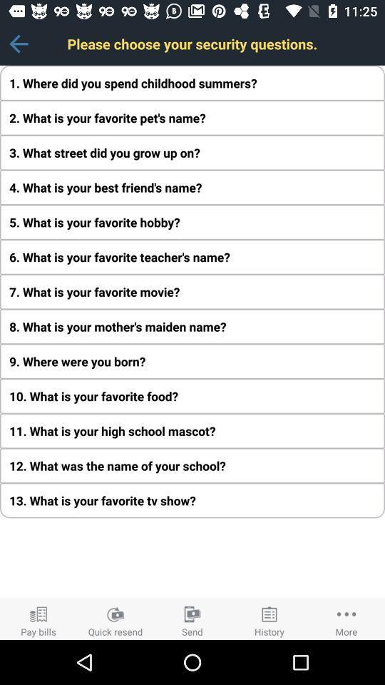  What do you see at coordinates (18, 44) in the screenshot?
I see `the icon on the top left corner` at bounding box center [18, 44].